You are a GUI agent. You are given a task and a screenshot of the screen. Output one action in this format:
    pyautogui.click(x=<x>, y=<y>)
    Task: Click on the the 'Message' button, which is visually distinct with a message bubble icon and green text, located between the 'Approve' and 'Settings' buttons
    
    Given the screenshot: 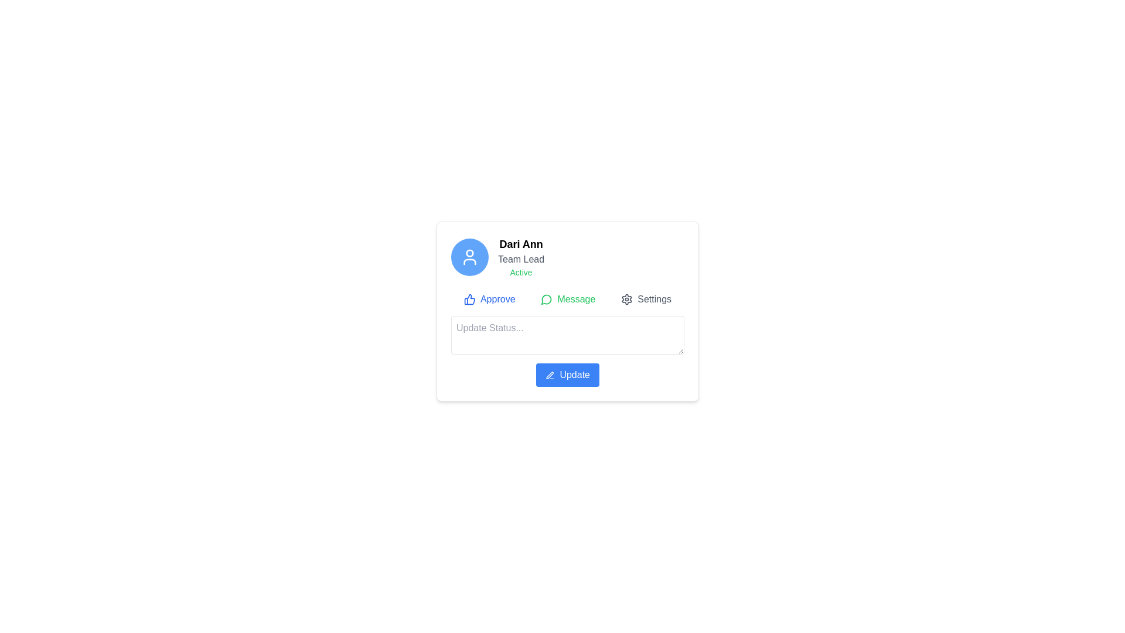 What is the action you would take?
    pyautogui.click(x=568, y=298)
    